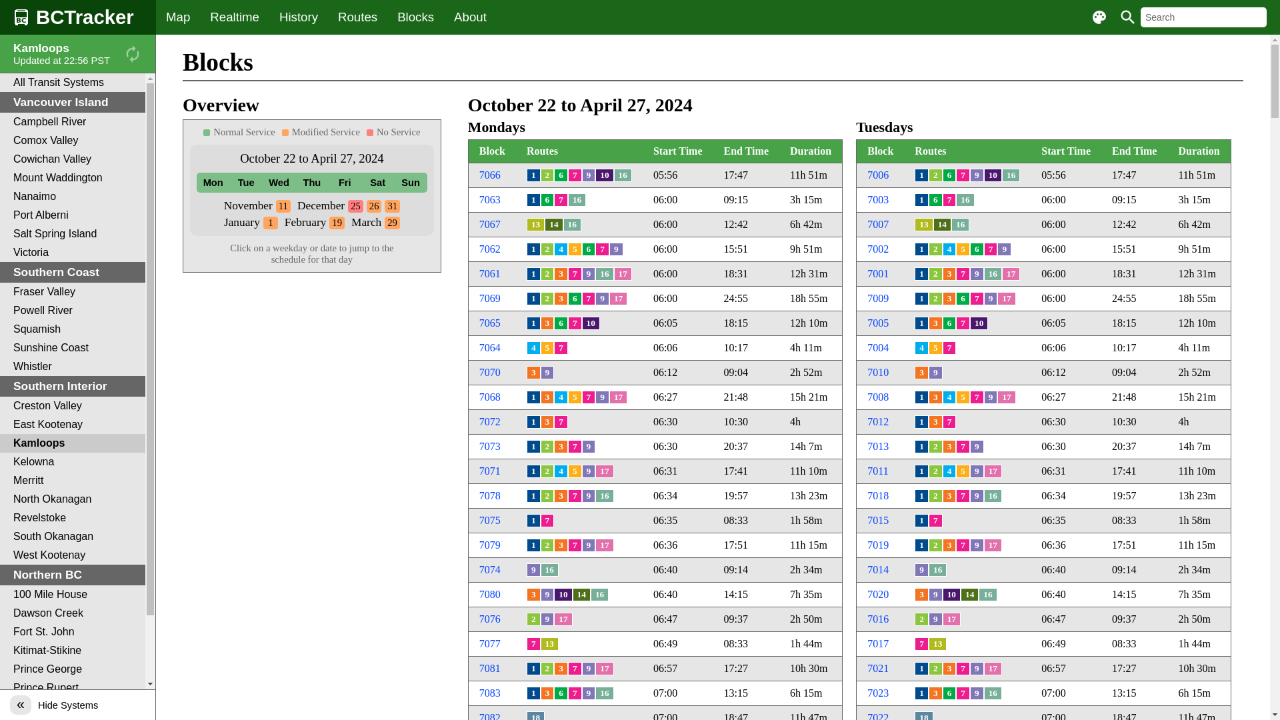 This screenshot has width=1280, height=720. I want to click on '2', so click(533, 619).